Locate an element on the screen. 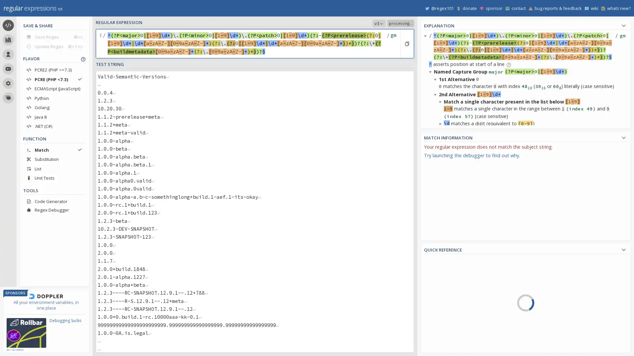 This screenshot has height=356, width=634. Meta Sequences is located at coordinates (455, 311).